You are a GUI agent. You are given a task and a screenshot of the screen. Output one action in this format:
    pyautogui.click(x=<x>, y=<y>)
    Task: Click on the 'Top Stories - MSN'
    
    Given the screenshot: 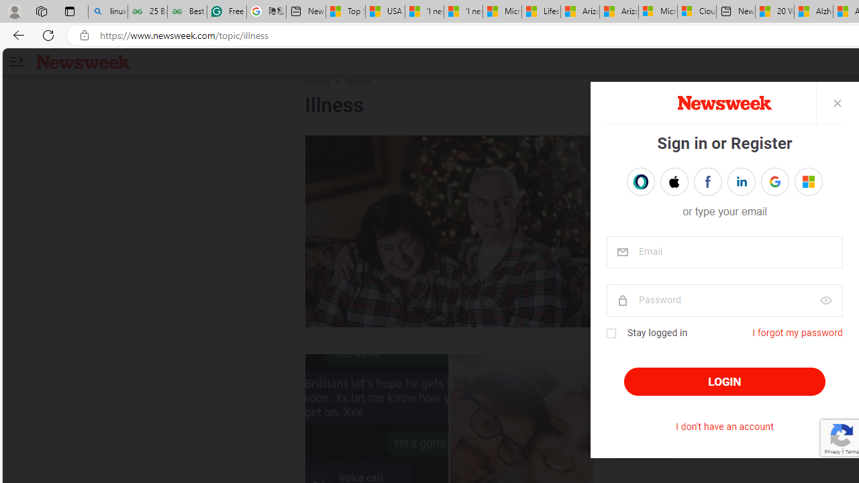 What is the action you would take?
    pyautogui.click(x=346, y=11)
    